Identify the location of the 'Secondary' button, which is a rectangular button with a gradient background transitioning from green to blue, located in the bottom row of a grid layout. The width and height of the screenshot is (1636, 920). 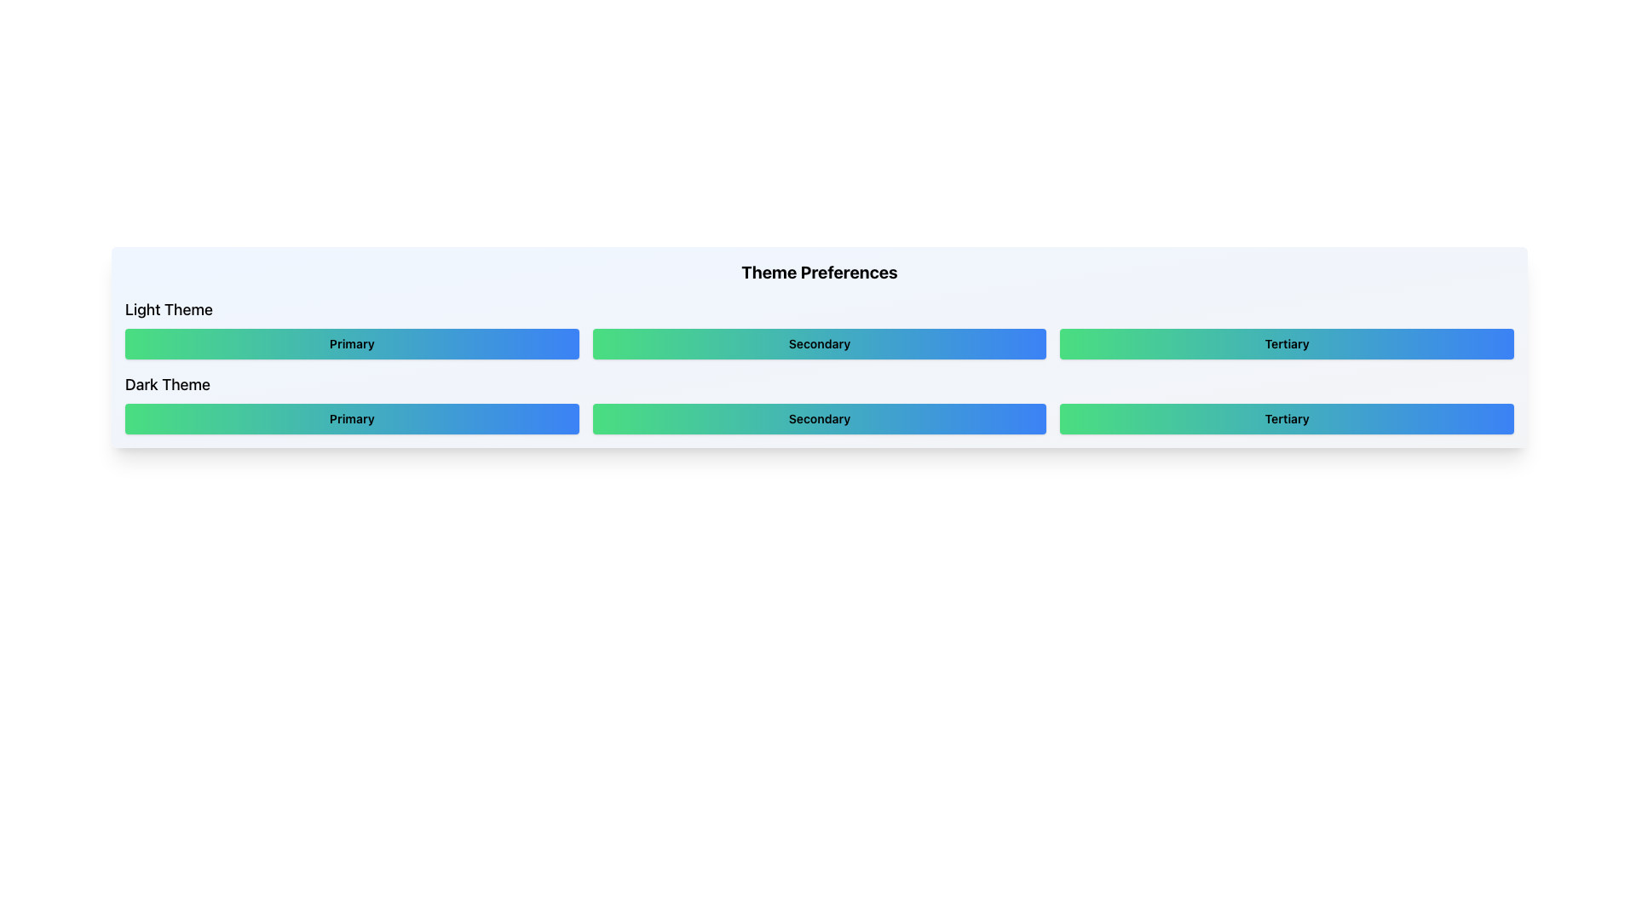
(819, 419).